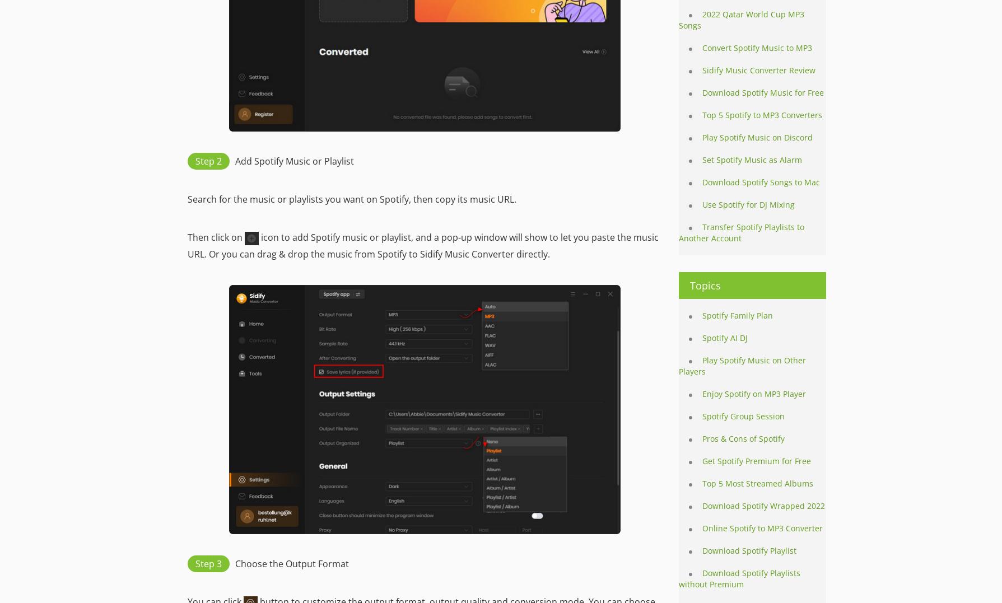  Describe the element at coordinates (207, 563) in the screenshot. I see `'Step 3'` at that location.